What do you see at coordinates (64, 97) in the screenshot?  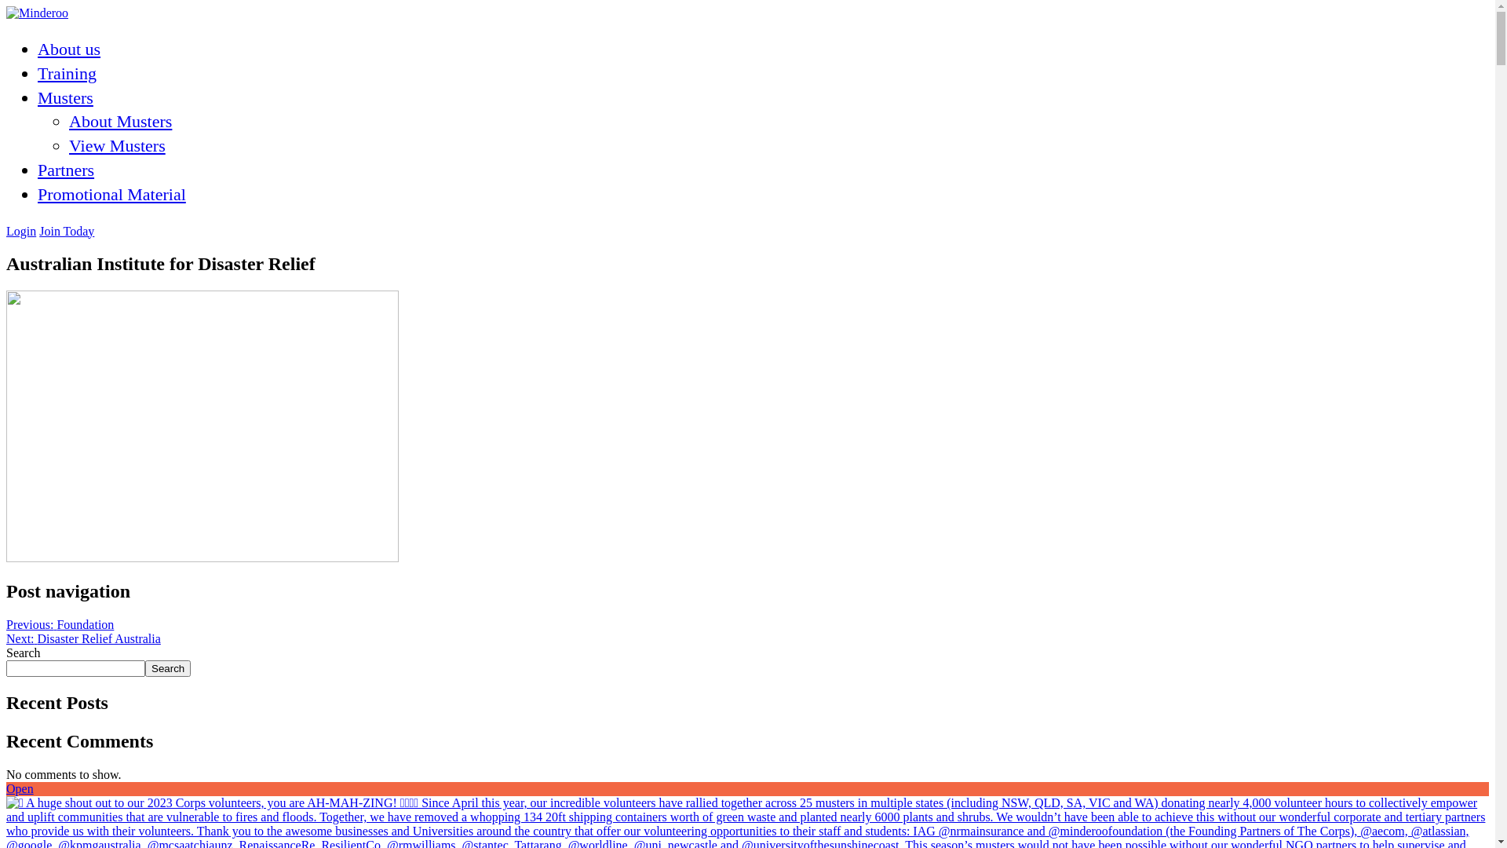 I see `'Musters'` at bounding box center [64, 97].